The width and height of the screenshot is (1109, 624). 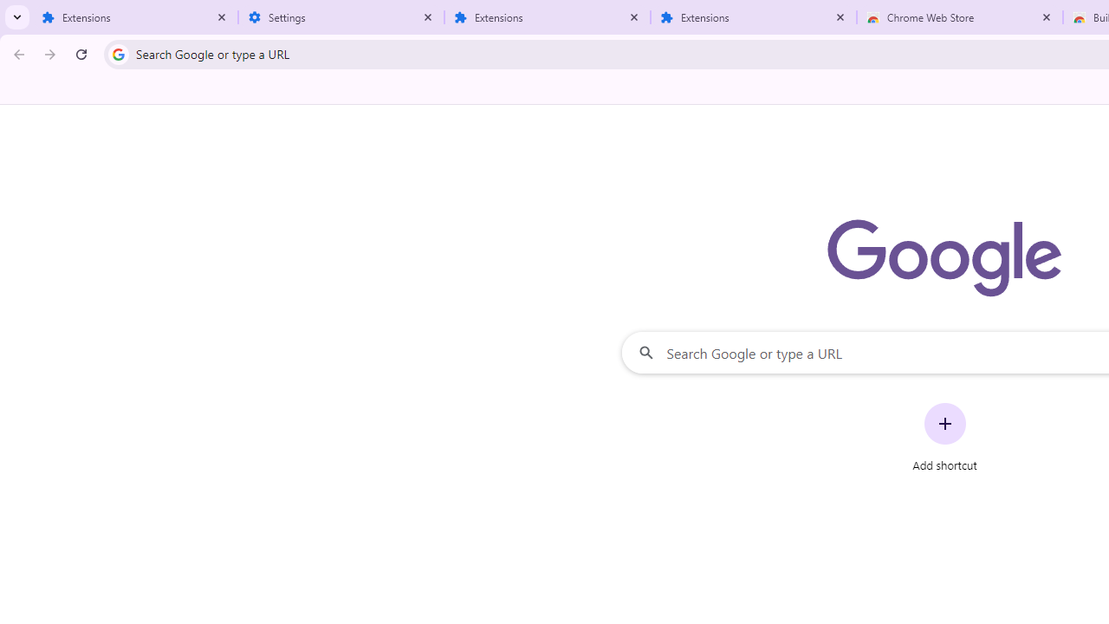 I want to click on 'Reload', so click(x=81, y=53).